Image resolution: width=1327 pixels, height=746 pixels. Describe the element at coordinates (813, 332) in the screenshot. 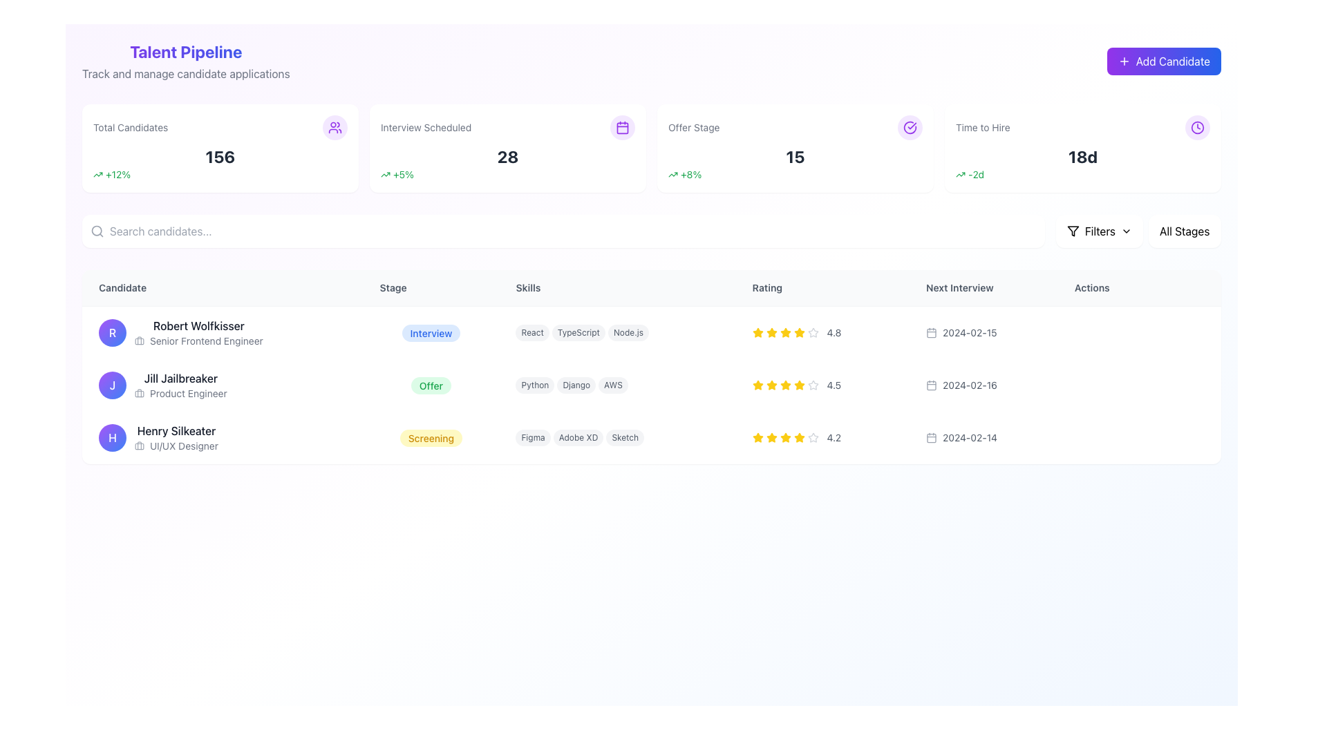

I see `the unselected star icon, which is an outlined star with thin strokes and a hollow center, located in the 'Rating' column of the first row, specifically the fifth star in the horizontal sequence` at that location.